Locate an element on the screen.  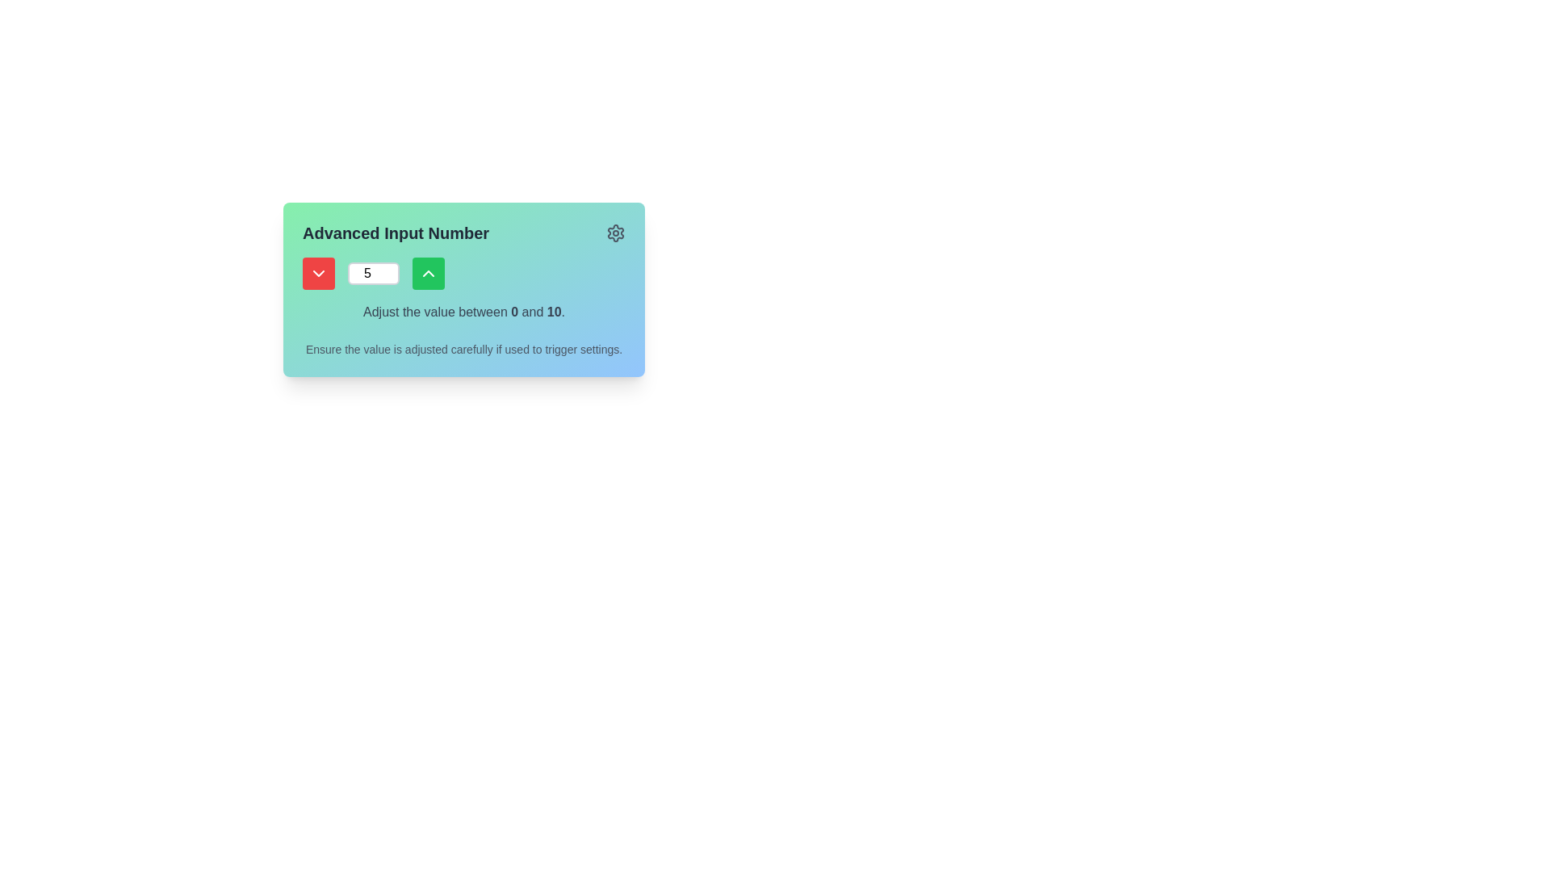
the gear-shaped icon in the top-right corner of the light gradient background card is located at coordinates (615, 233).